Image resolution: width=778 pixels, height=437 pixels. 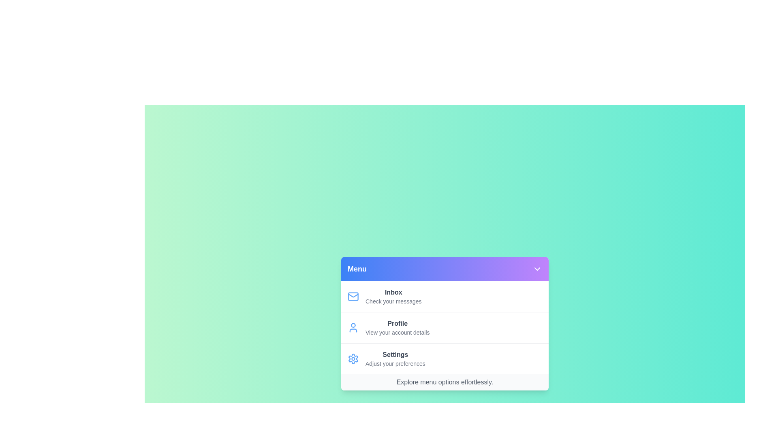 I want to click on the dropdown button to toggle the menu visibility, so click(x=537, y=269).